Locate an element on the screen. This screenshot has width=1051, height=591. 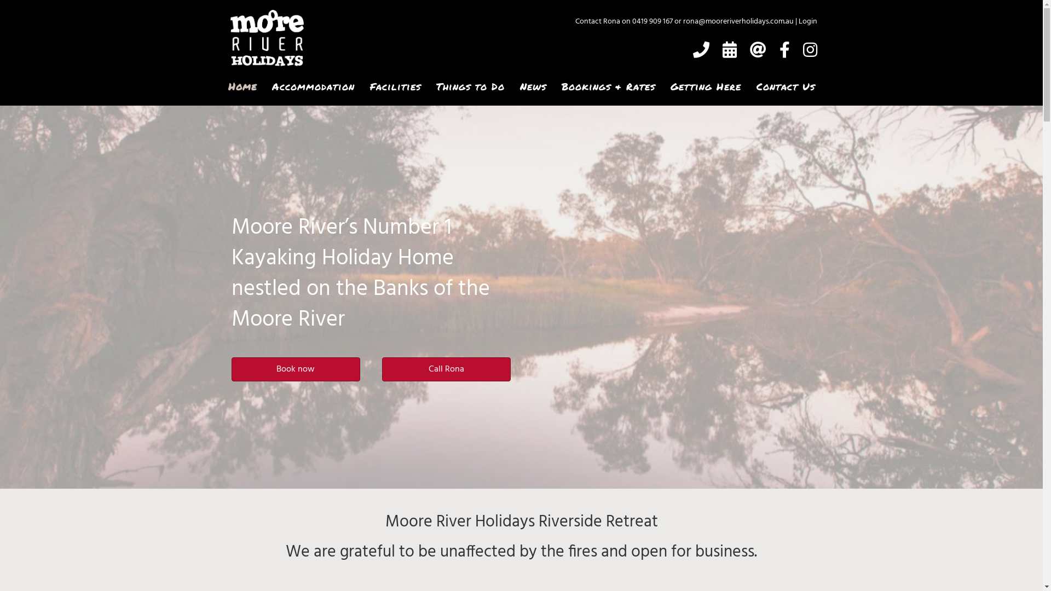
'News' is located at coordinates (533, 86).